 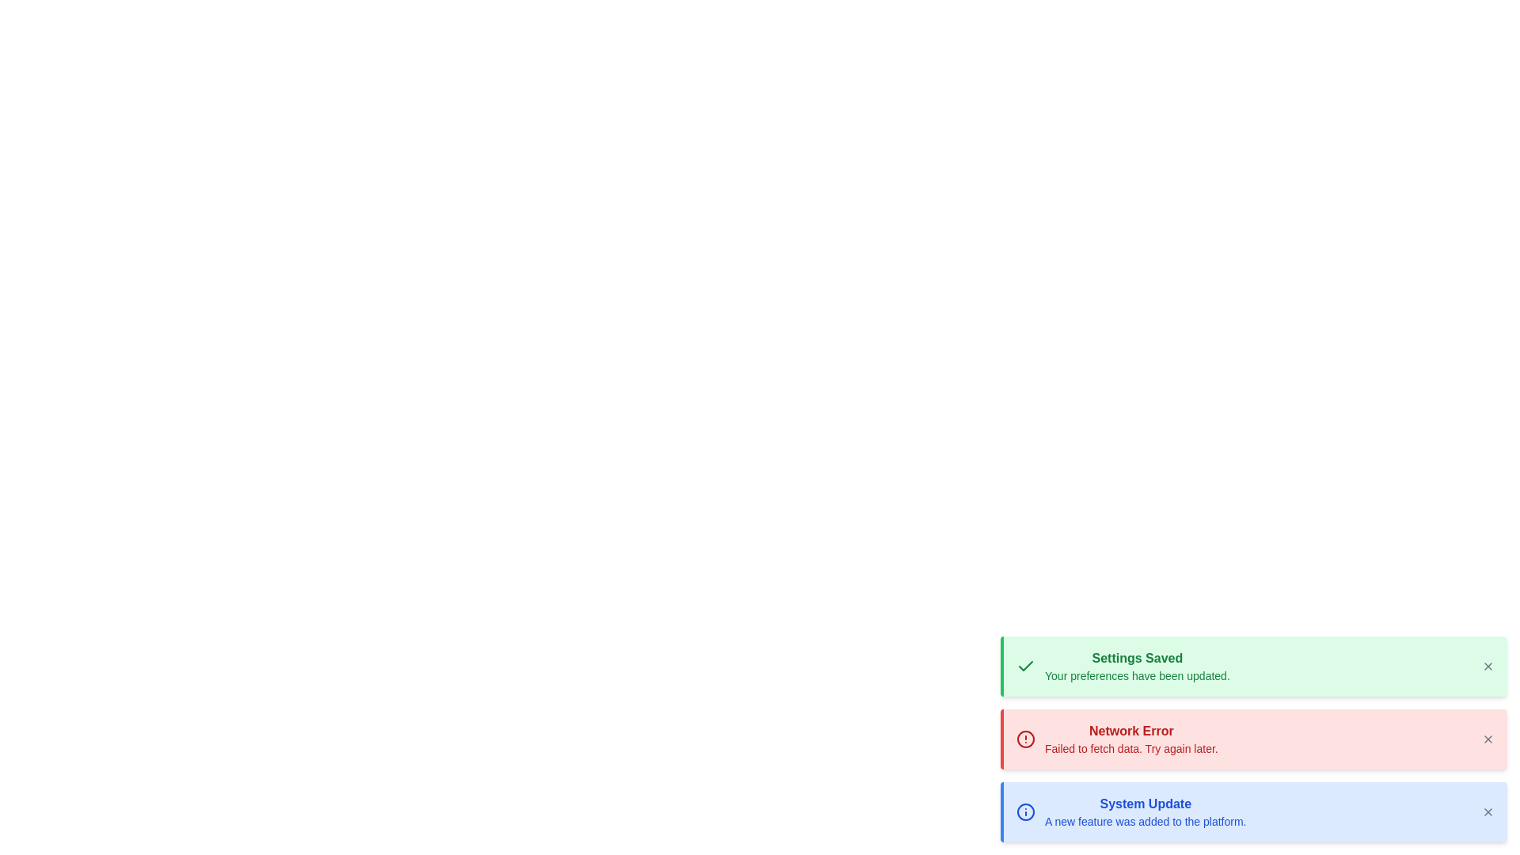 I want to click on the third notification message block in the bottom-most notification card, so click(x=1130, y=812).